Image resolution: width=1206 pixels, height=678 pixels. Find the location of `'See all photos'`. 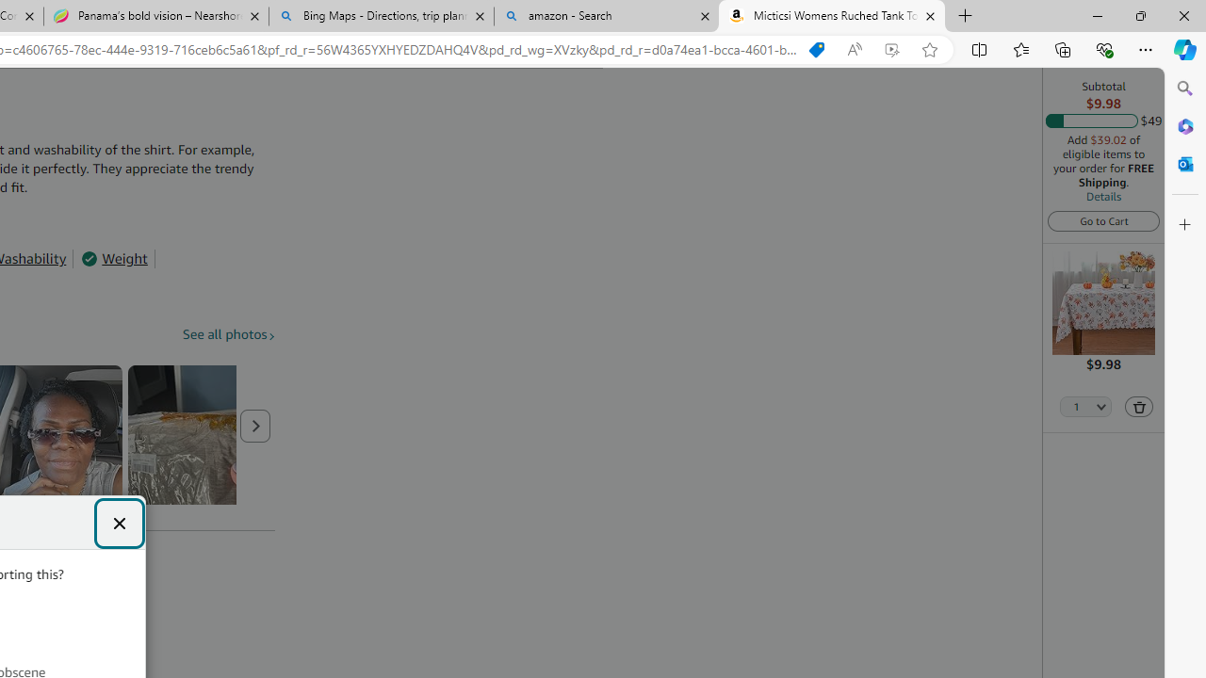

'See all photos' is located at coordinates (228, 333).